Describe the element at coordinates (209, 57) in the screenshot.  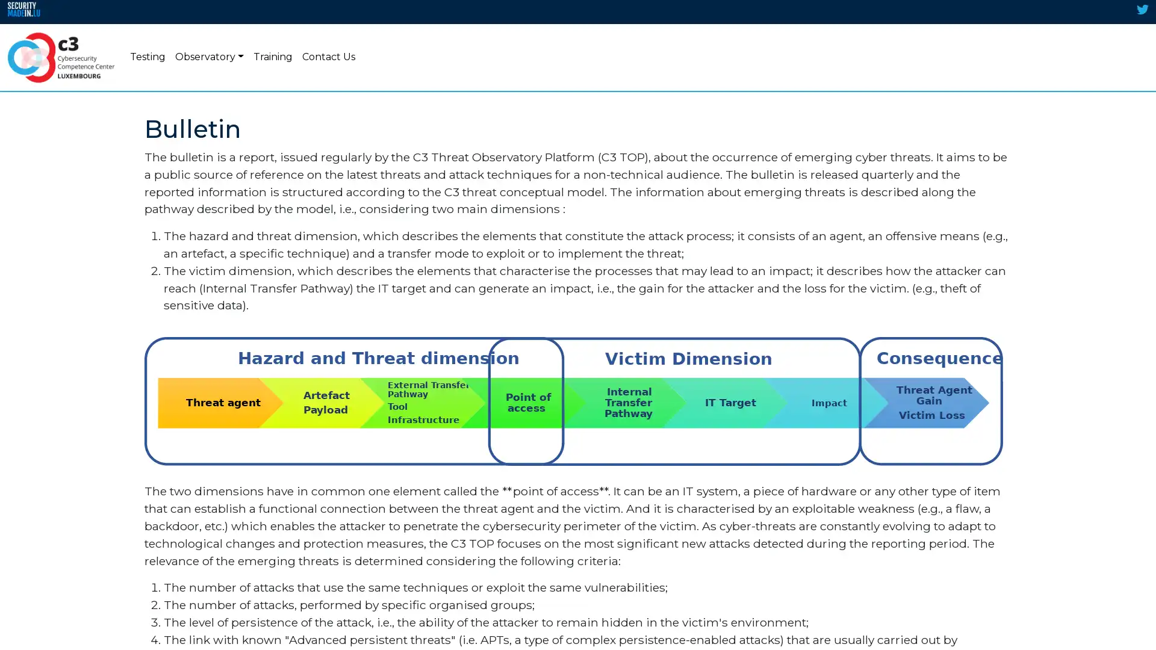
I see `Observatory` at that location.